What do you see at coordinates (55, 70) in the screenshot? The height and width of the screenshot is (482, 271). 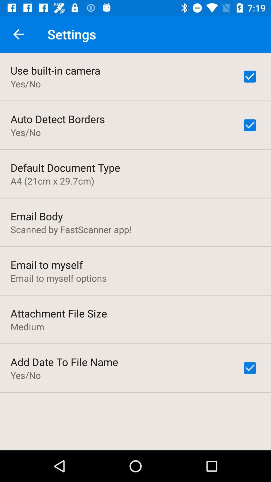 I see `item above the yes/no item` at bounding box center [55, 70].